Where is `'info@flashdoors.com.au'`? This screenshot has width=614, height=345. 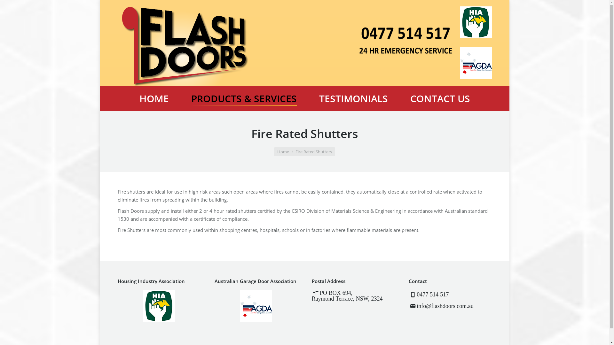
'info@flashdoors.com.au' is located at coordinates (416, 305).